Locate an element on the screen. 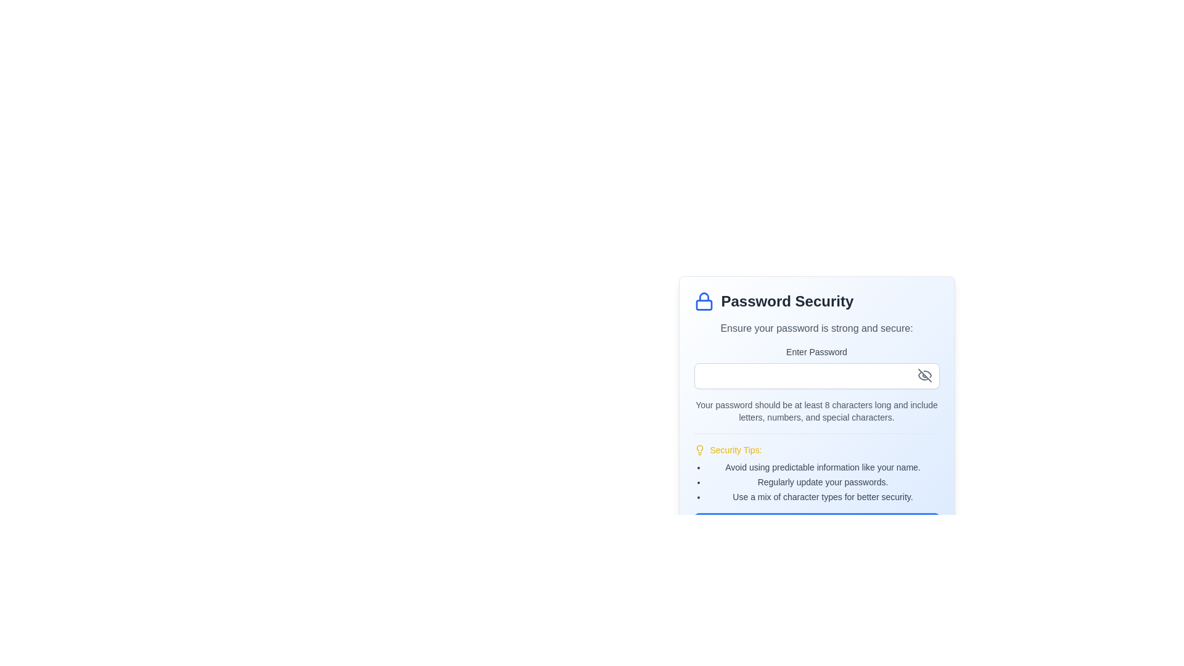  the blue lock icon located at the beginning of the 'Password Security' heading, which is positioned to the left of the section title text is located at coordinates (704, 302).